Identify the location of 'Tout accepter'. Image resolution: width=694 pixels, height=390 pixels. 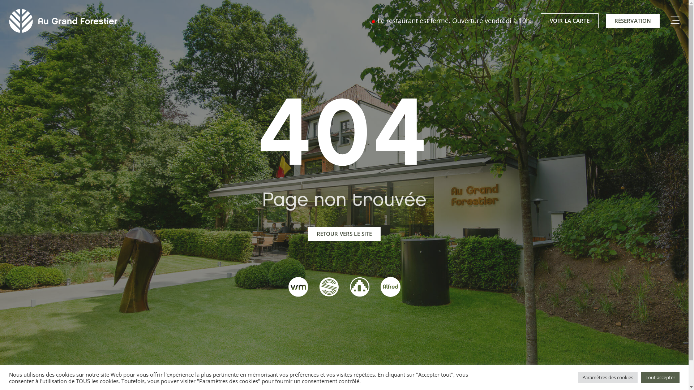
(641, 377).